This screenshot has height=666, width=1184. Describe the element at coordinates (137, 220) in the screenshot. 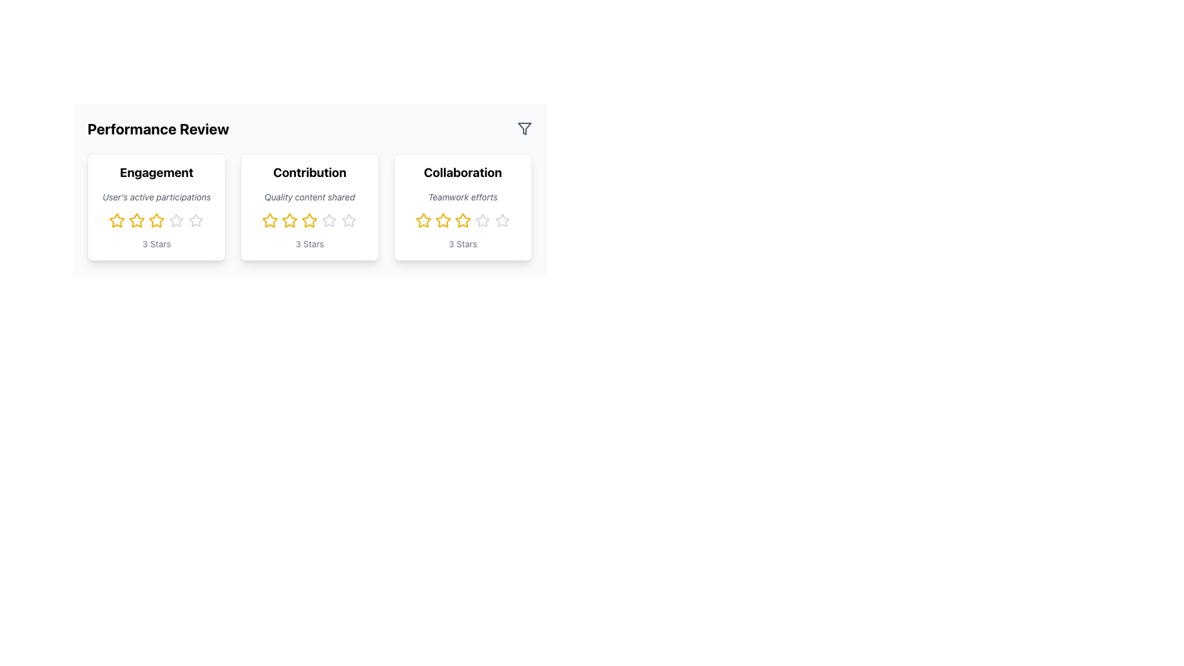

I see `the second star in the interactive rating system under the 'Engagement' criterion` at that location.